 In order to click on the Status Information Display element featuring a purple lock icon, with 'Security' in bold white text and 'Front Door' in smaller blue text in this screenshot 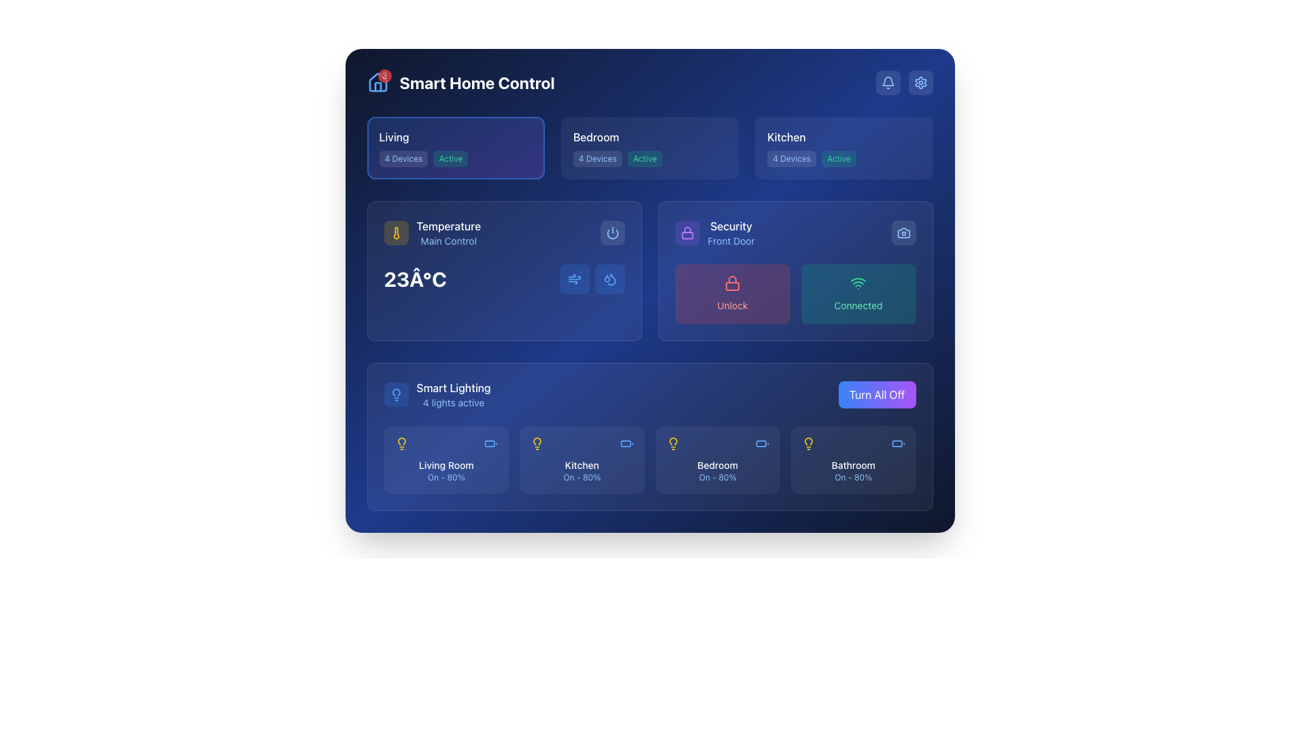, I will do `click(714, 232)`.